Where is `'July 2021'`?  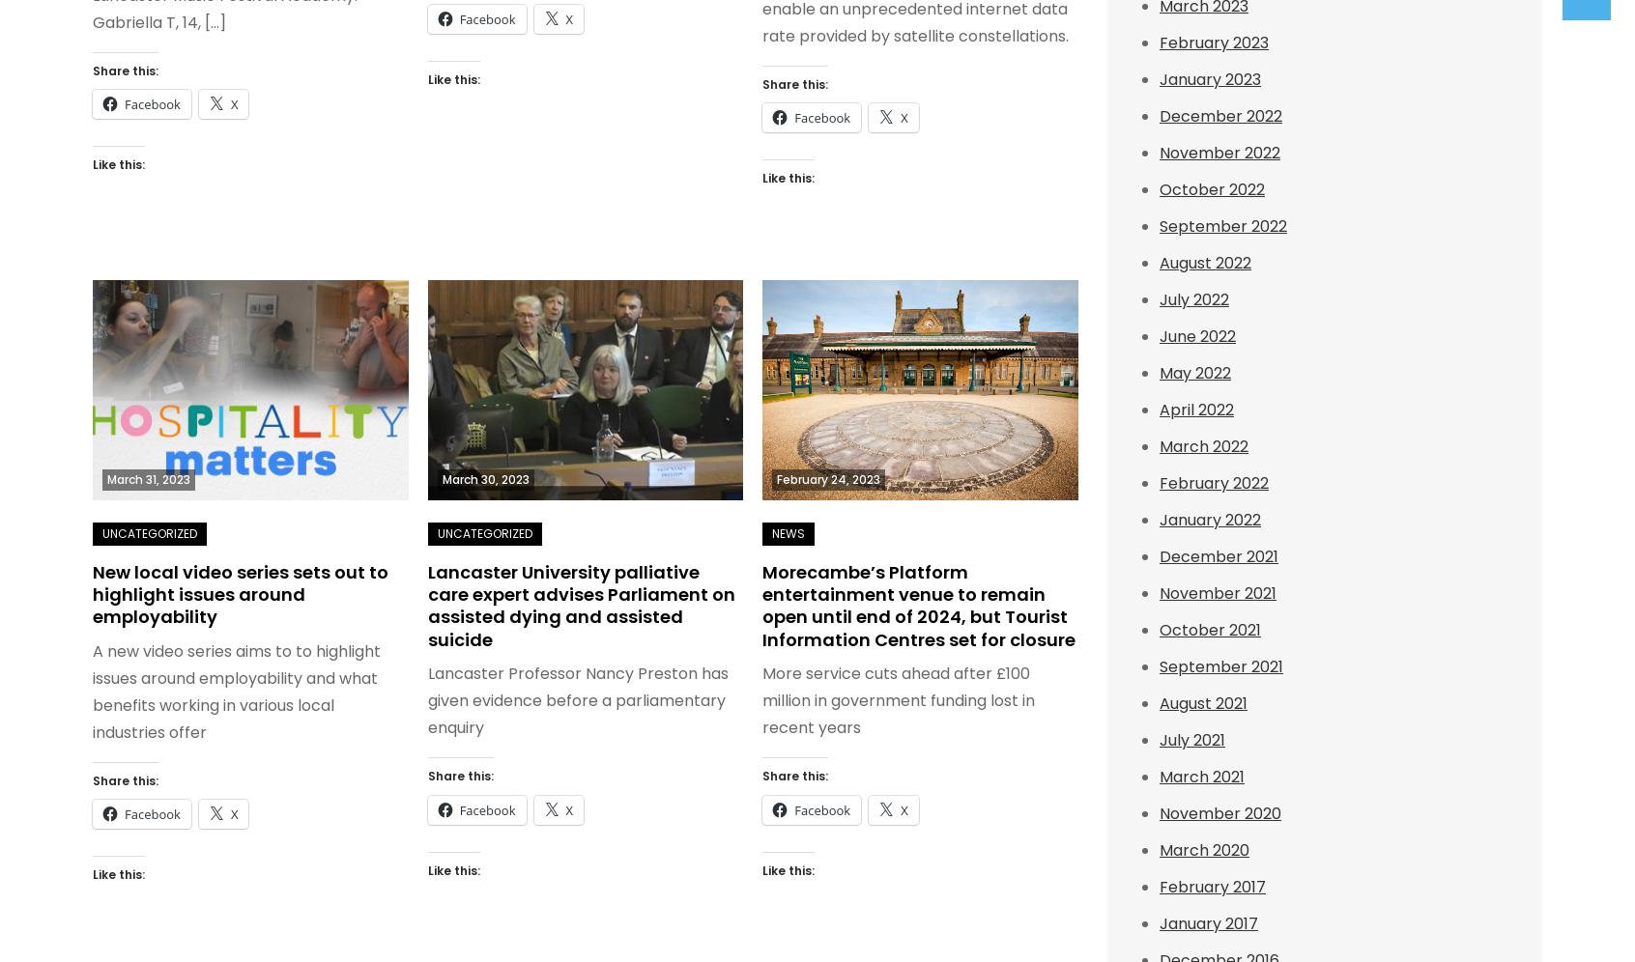 'July 2021' is located at coordinates (1191, 740).